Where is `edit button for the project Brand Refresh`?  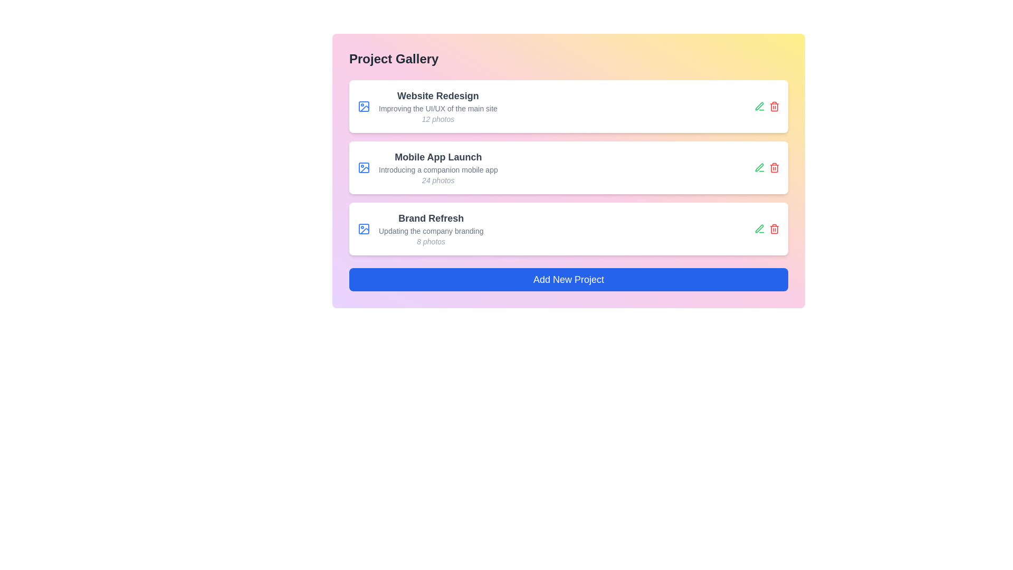
edit button for the project Brand Refresh is located at coordinates (760, 229).